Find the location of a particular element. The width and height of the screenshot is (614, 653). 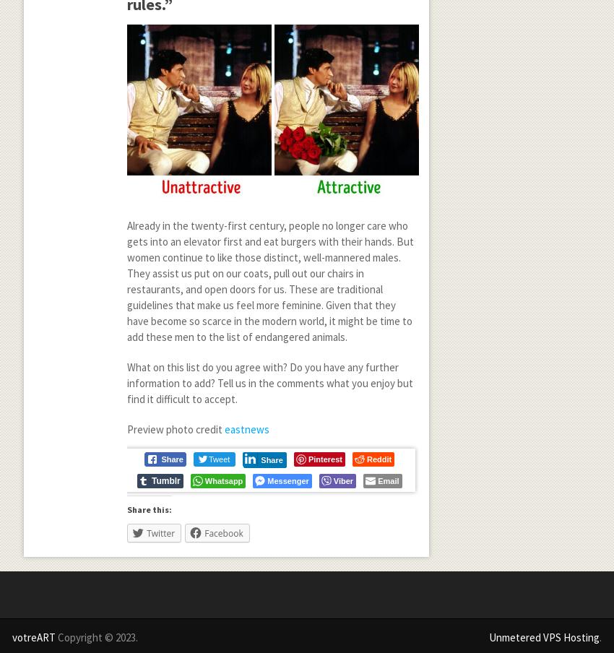

'tumblr' is located at coordinates (165, 480).